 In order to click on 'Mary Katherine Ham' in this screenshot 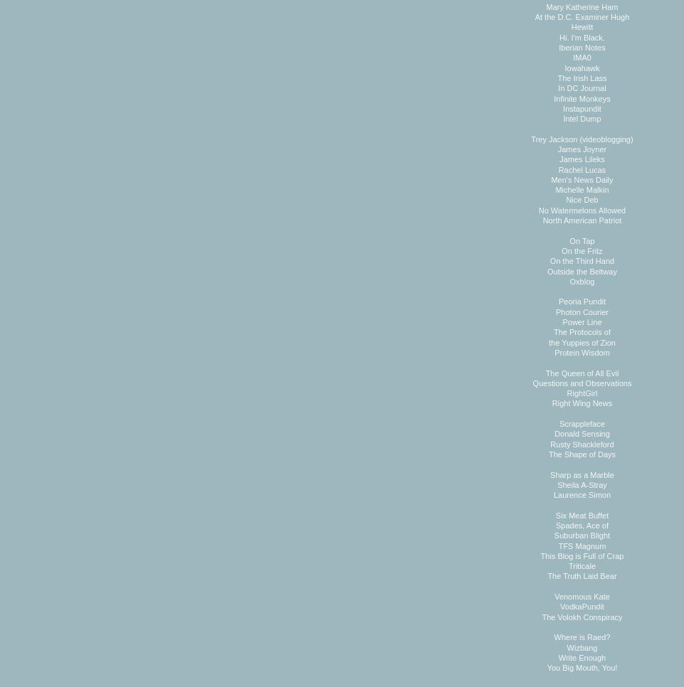, I will do `click(582, 5)`.